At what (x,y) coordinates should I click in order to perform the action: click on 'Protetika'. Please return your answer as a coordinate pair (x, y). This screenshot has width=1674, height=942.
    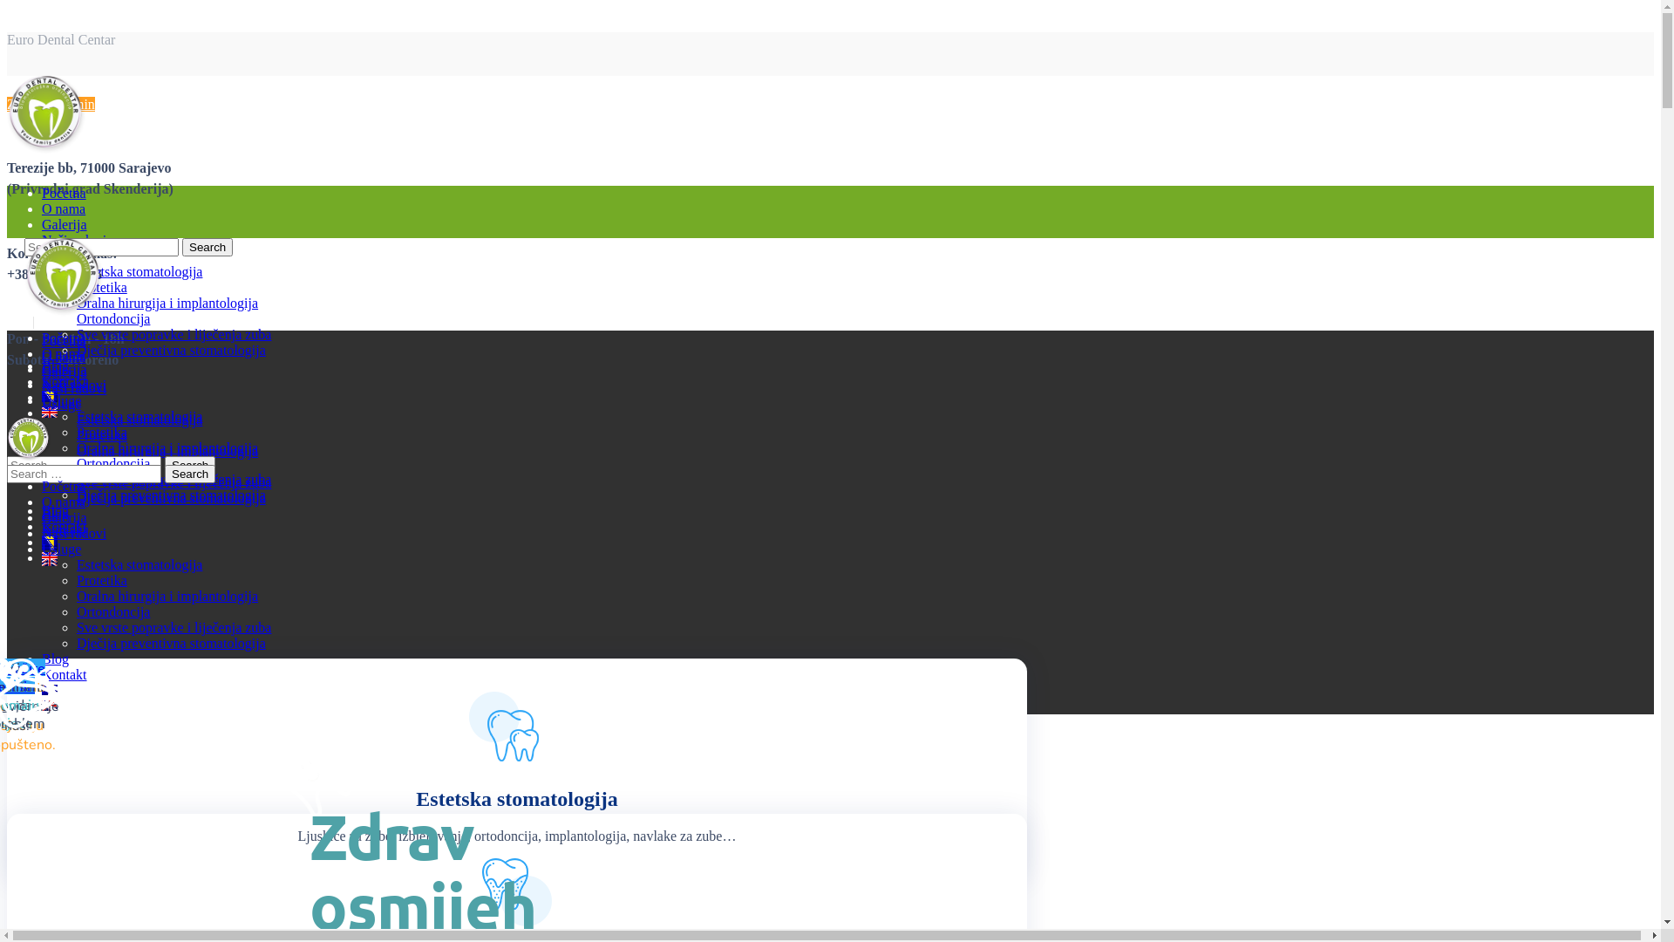
    Looking at the image, I should click on (100, 432).